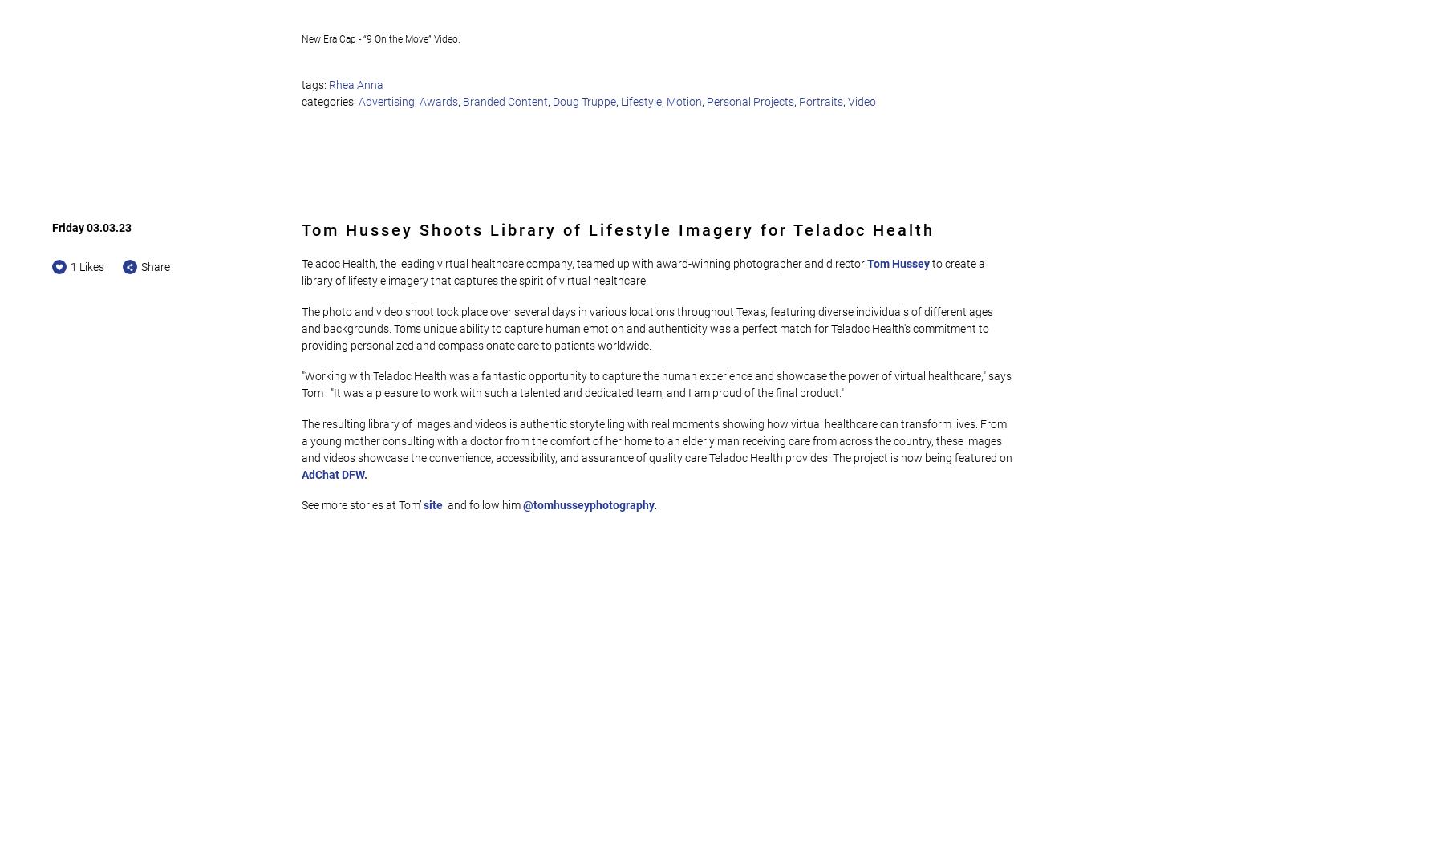 Image resolution: width=1448 pixels, height=863 pixels. What do you see at coordinates (380, 38) in the screenshot?
I see `'New Era Cap - “9 On the Move” Video.'` at bounding box center [380, 38].